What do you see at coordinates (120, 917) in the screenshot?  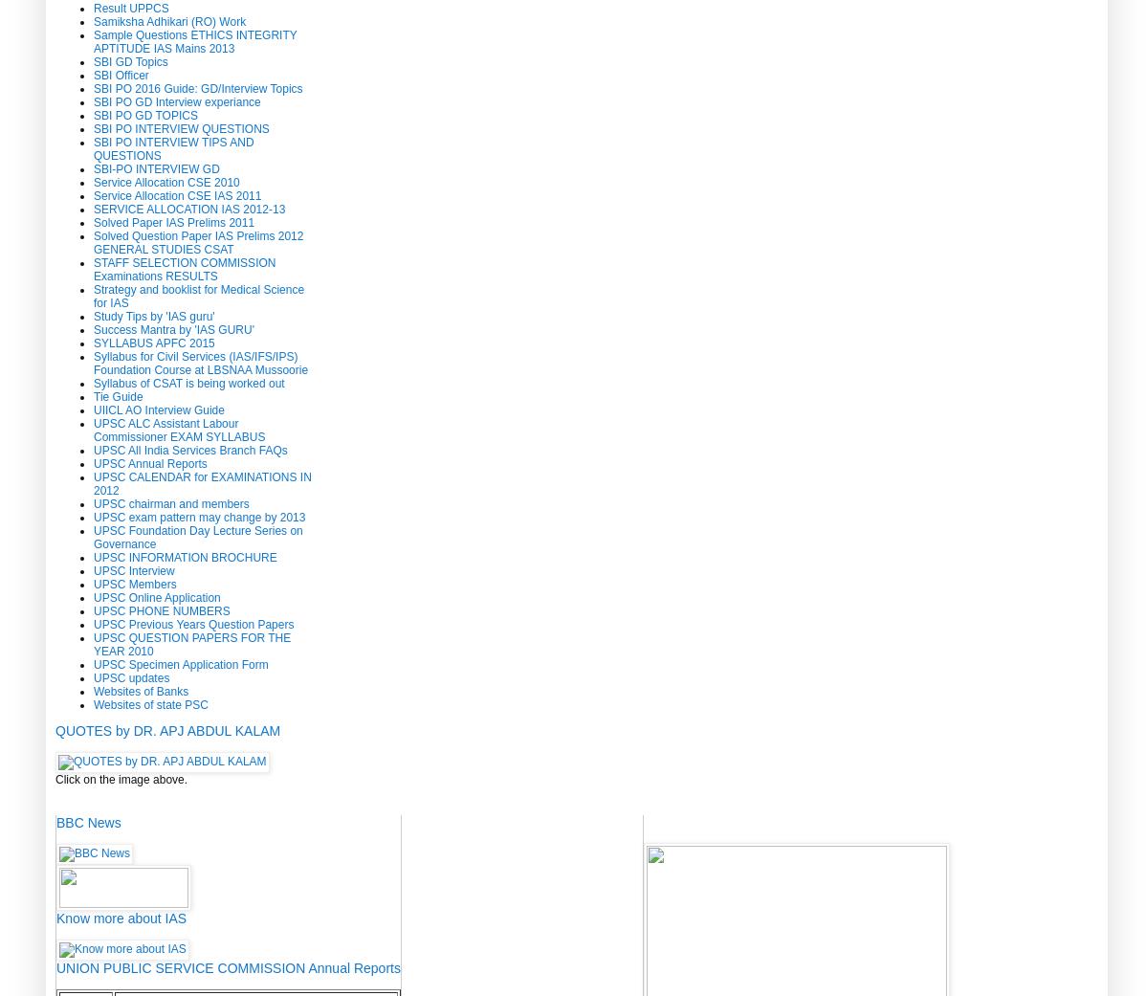 I see `'Know more about IAS'` at bounding box center [120, 917].